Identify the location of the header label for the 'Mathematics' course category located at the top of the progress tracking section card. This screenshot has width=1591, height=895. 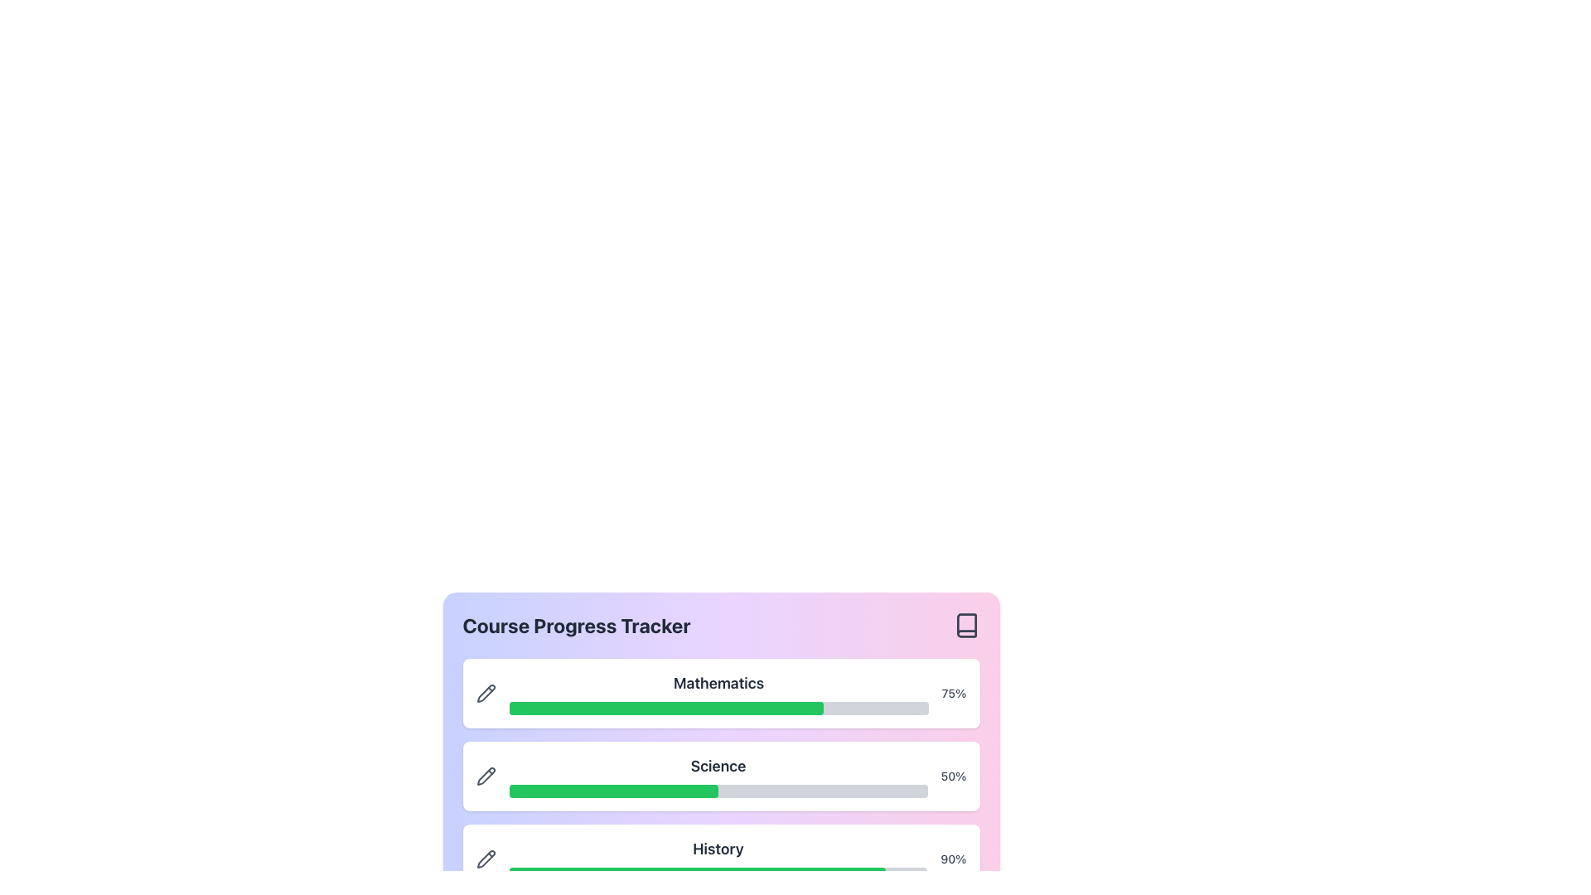
(718, 694).